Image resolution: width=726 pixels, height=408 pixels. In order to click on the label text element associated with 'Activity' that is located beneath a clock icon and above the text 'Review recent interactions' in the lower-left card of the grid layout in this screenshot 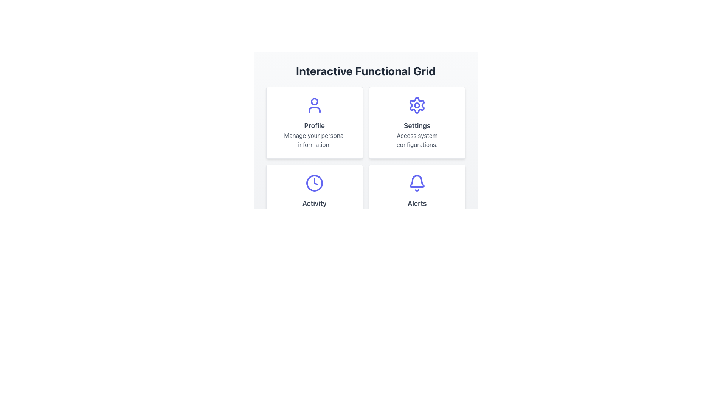, I will do `click(314, 203)`.